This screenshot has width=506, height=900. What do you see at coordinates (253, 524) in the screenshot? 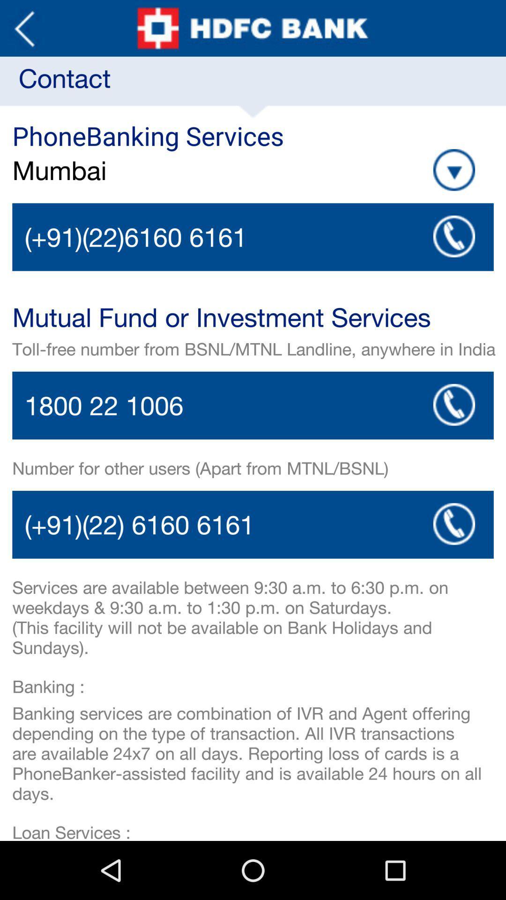
I see `call the phone number` at bounding box center [253, 524].